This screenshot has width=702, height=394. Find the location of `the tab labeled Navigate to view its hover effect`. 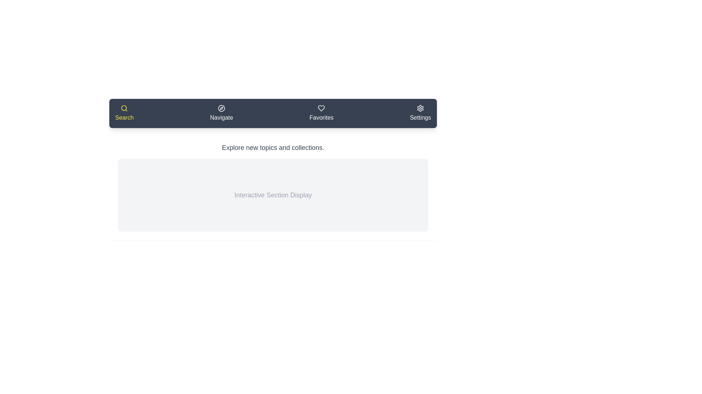

the tab labeled Navigate to view its hover effect is located at coordinates (221, 113).